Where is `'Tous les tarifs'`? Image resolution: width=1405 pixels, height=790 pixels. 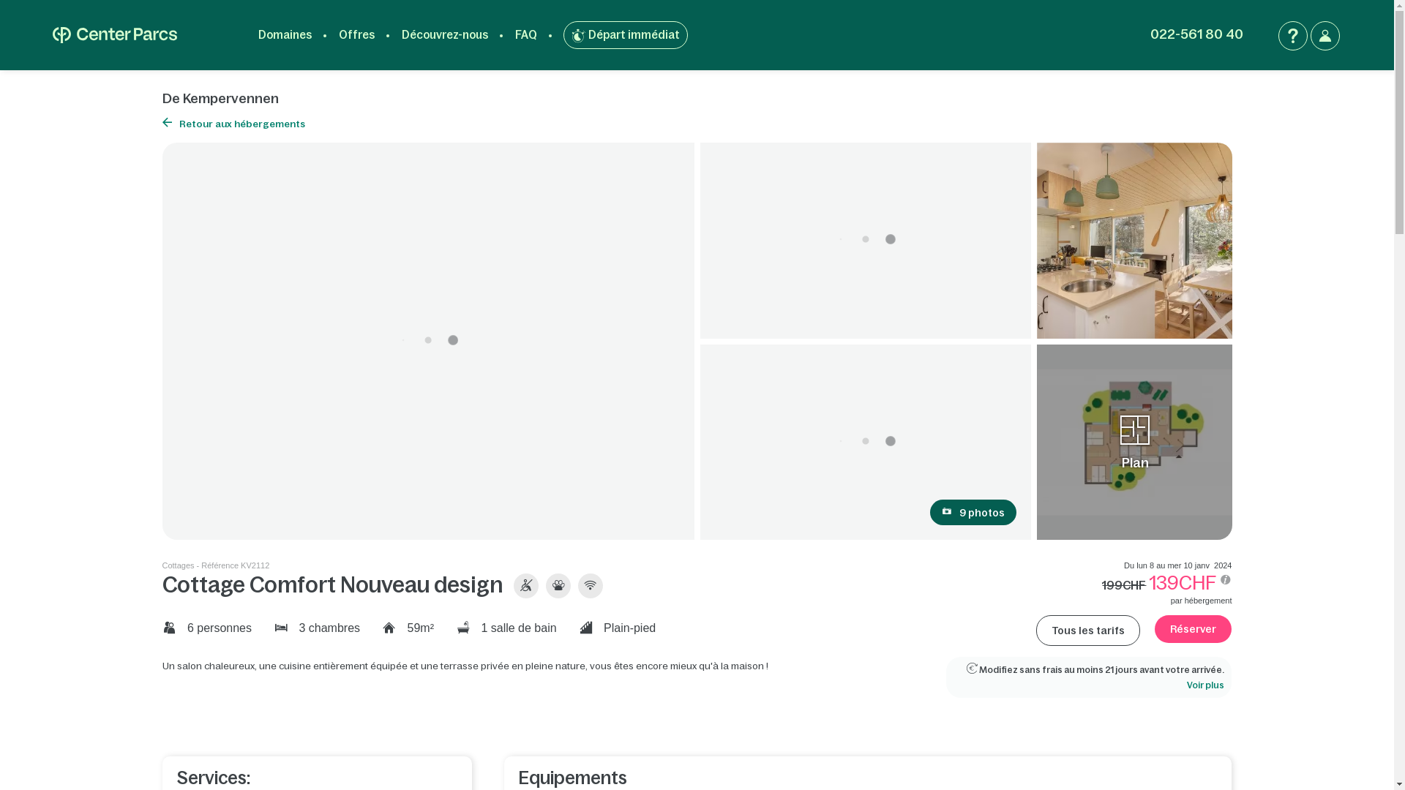
'Tous les tarifs' is located at coordinates (1088, 629).